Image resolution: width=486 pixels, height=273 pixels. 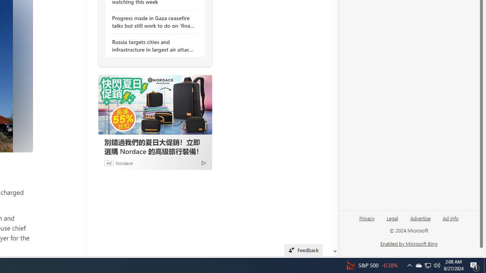 What do you see at coordinates (392, 221) in the screenshot?
I see `'Legal'` at bounding box center [392, 221].